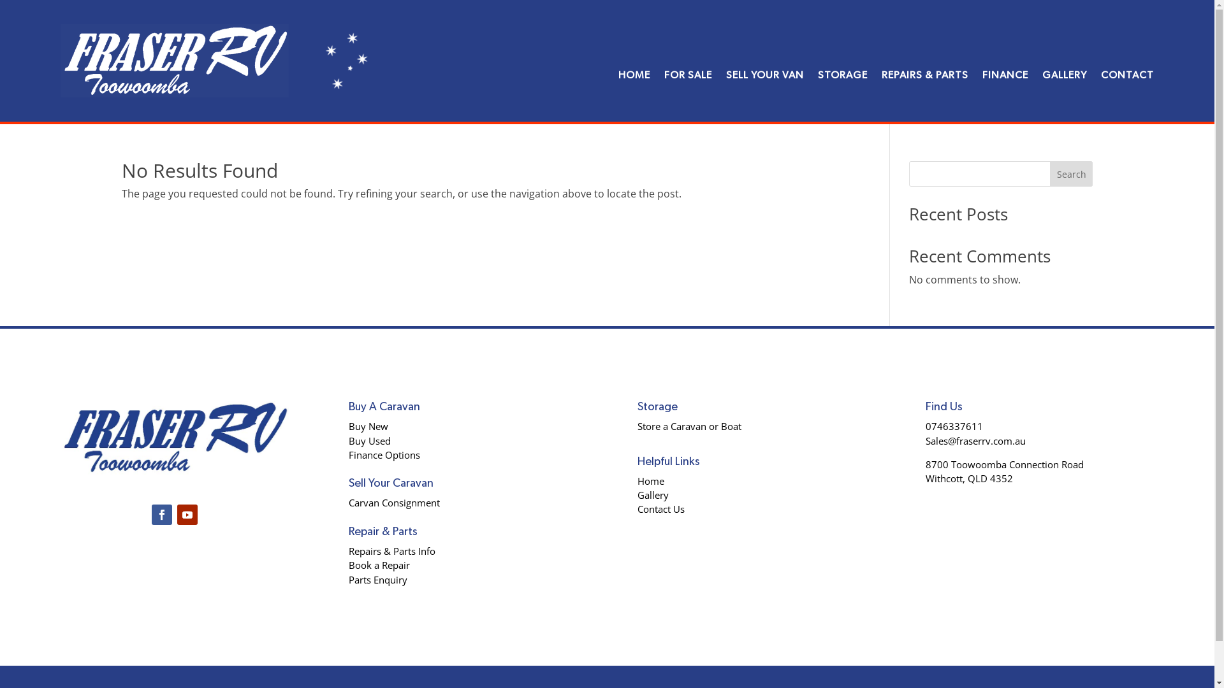 Image resolution: width=1224 pixels, height=688 pixels. What do you see at coordinates (177, 513) in the screenshot?
I see `'Follow on Youtube'` at bounding box center [177, 513].